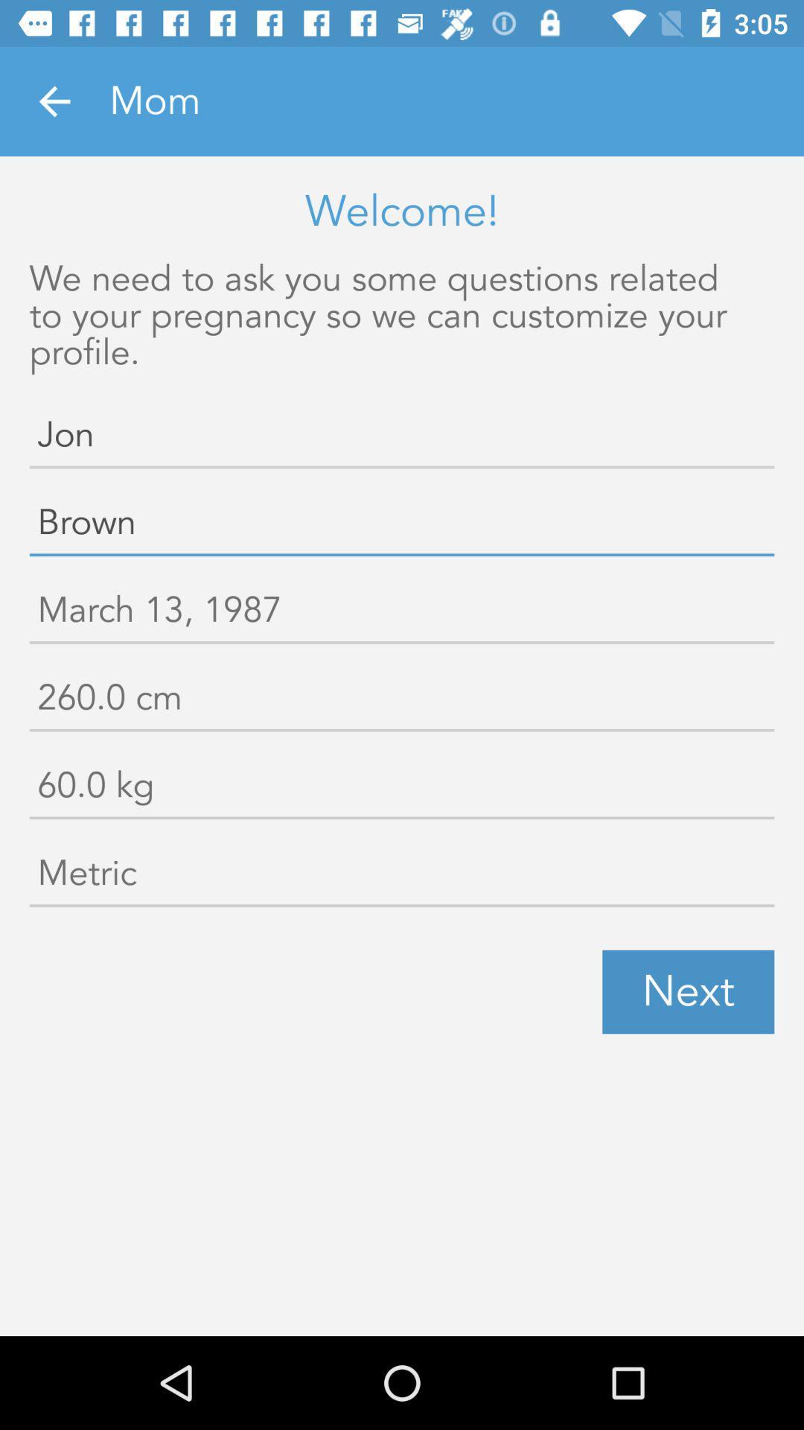 The height and width of the screenshot is (1430, 804). I want to click on icon to the left of the mom item, so click(54, 101).